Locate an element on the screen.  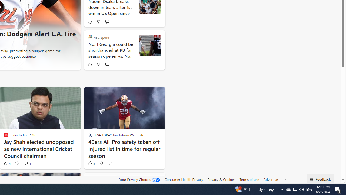
'View comments 1 Comment' is located at coordinates (25, 163).